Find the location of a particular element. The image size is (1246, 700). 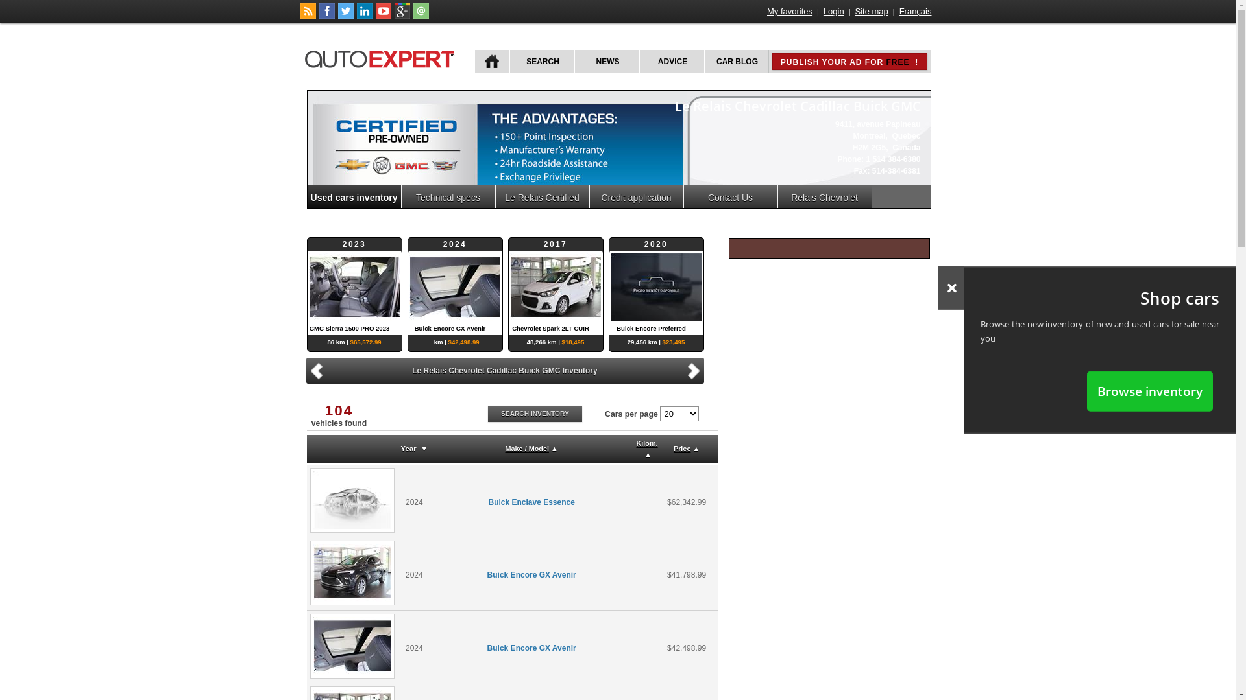

'Browse inventory' is located at coordinates (1149, 390).